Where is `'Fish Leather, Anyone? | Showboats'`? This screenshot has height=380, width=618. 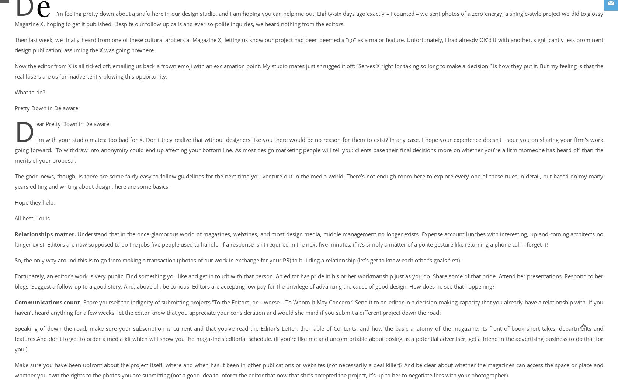 'Fish Leather, Anyone? | Showboats' is located at coordinates (52, 19).